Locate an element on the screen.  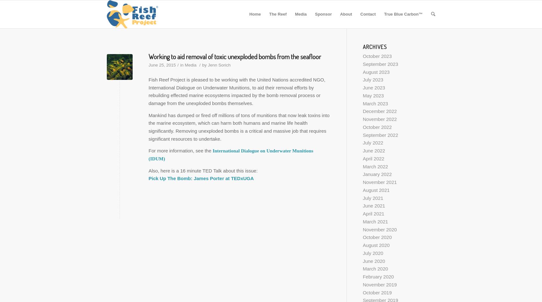
'Fish Reef Project is pleased to be working with the United Nations accredited NGO, International Dialogue on Underwater Munitions, to aid their removal efforts by rebuilding effected marine ecosystems impacted by the bomb removal process or damage from the unexploded bombs themselves.' is located at coordinates (237, 91).